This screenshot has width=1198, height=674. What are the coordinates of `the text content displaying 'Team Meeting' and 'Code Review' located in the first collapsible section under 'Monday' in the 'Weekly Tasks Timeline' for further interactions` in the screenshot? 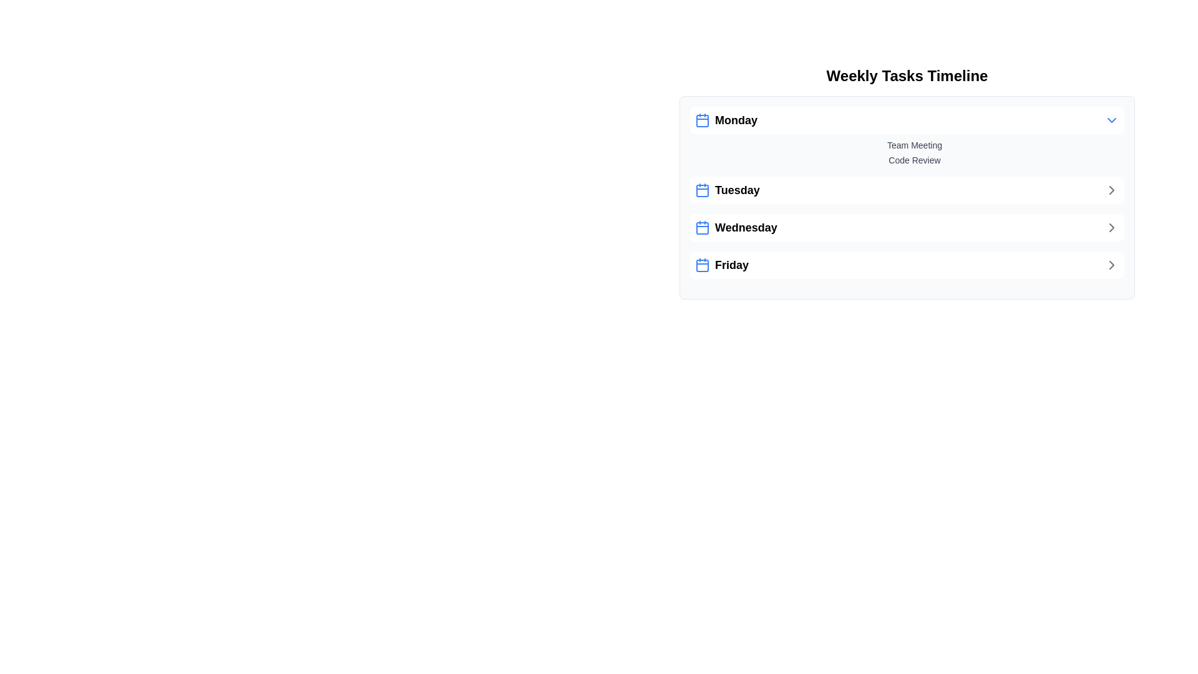 It's located at (907, 137).